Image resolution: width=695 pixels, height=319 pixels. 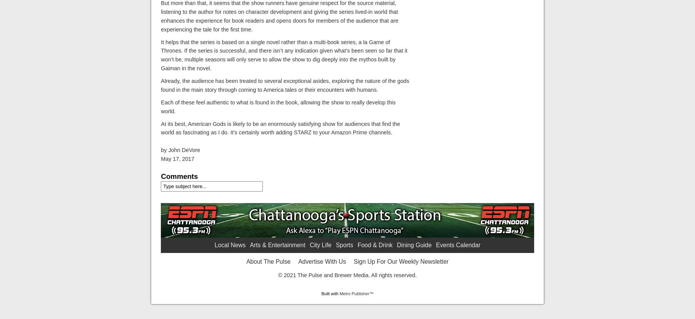 What do you see at coordinates (330, 293) in the screenshot?
I see `'Built with'` at bounding box center [330, 293].